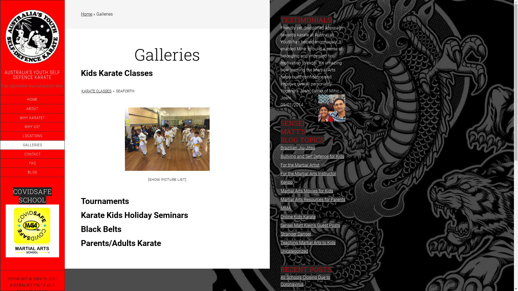  I want to click on 'Teaching Martial Arts to Kids', so click(308, 242).